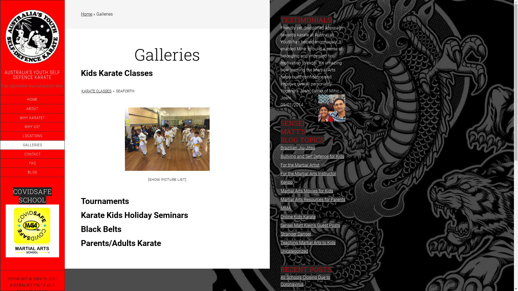  I want to click on 'Teaching Martial Arts to Kids', so click(308, 242).